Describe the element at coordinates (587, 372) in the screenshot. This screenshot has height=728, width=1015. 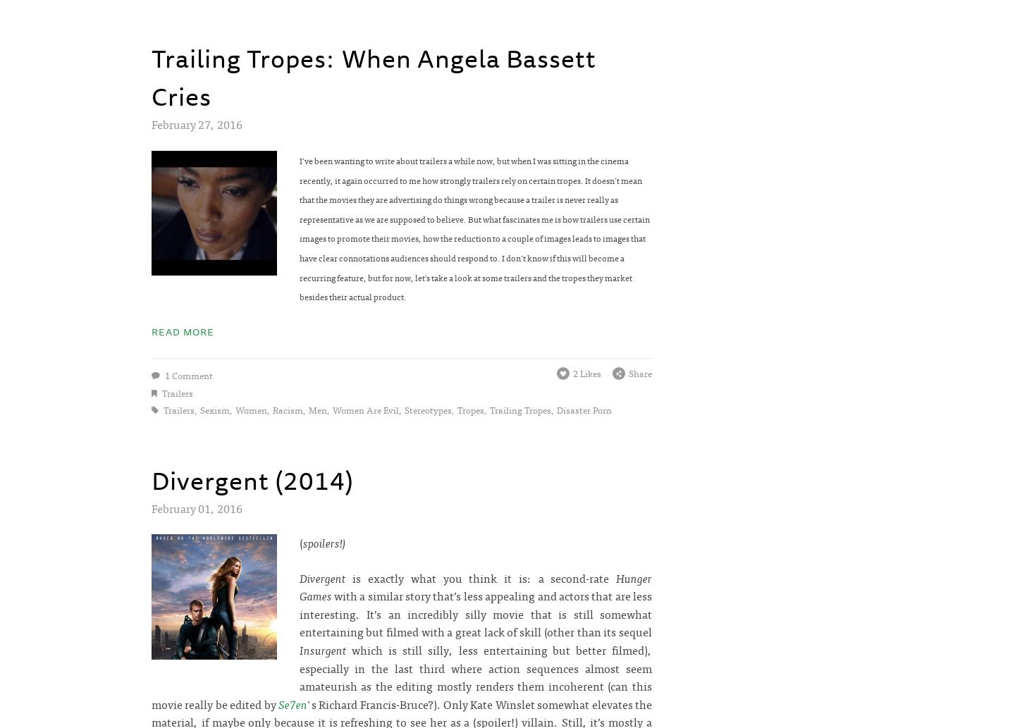
I see `'2 Likes'` at that location.